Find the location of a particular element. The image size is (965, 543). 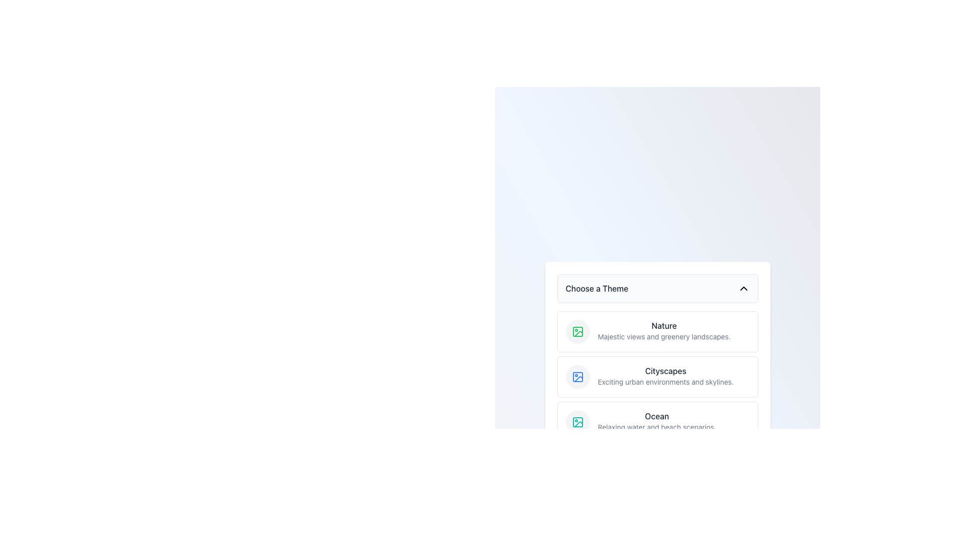

the SVG graphic element representing the 'Ocean' theme icon located at the bottom of the theme selection interface is located at coordinates (577, 422).